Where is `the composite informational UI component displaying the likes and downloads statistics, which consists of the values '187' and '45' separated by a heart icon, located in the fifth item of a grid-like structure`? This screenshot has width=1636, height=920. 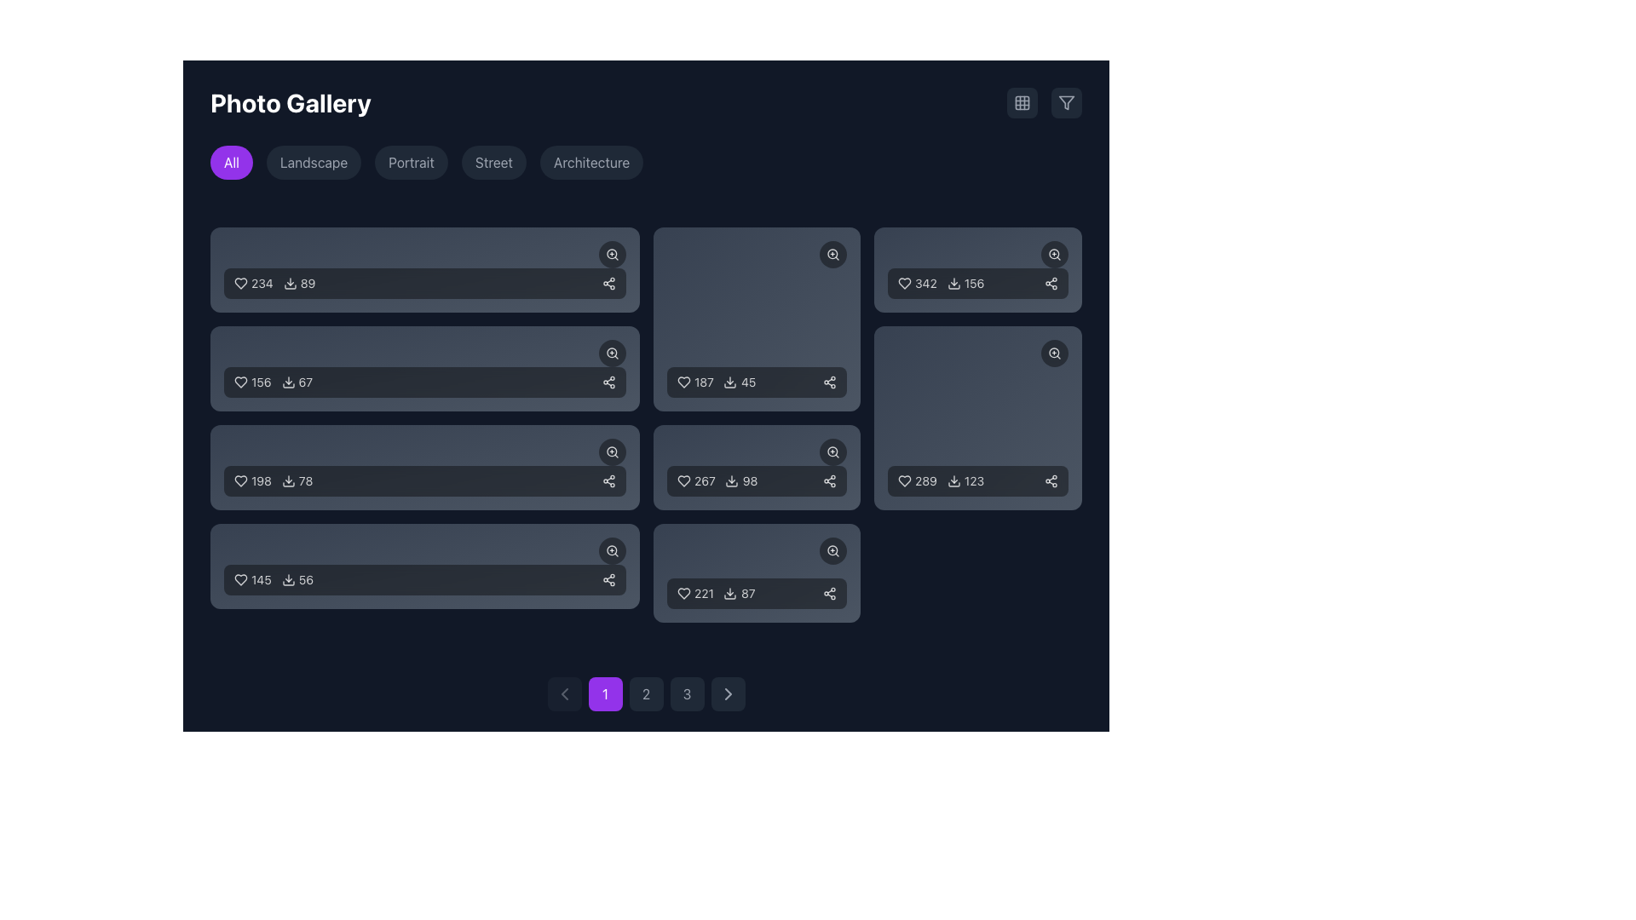 the composite informational UI component displaying the likes and downloads statistics, which consists of the values '187' and '45' separated by a heart icon, located in the fifth item of a grid-like structure is located at coordinates (716, 381).